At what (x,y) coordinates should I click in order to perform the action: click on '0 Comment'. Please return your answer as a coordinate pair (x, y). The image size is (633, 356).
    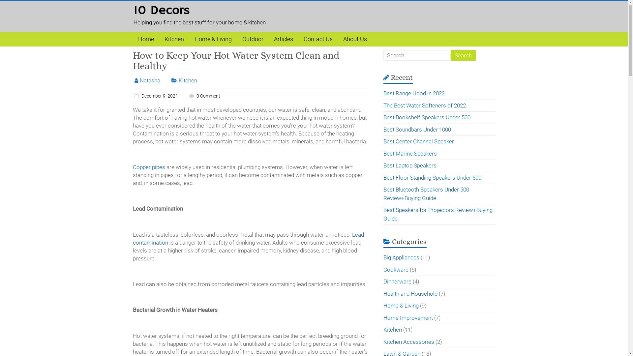
    Looking at the image, I should click on (187, 96).